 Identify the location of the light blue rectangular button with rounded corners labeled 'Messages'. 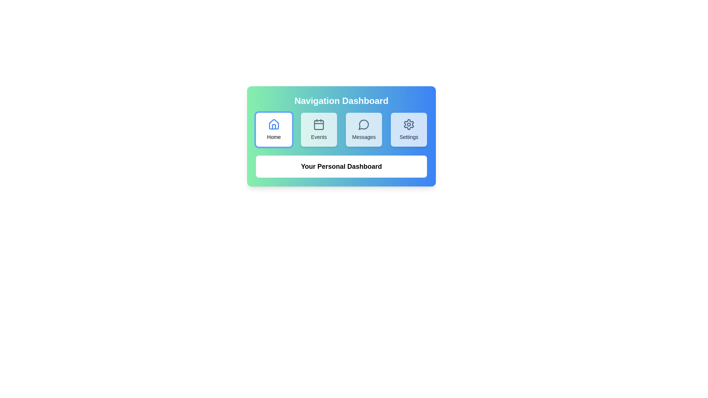
(364, 129).